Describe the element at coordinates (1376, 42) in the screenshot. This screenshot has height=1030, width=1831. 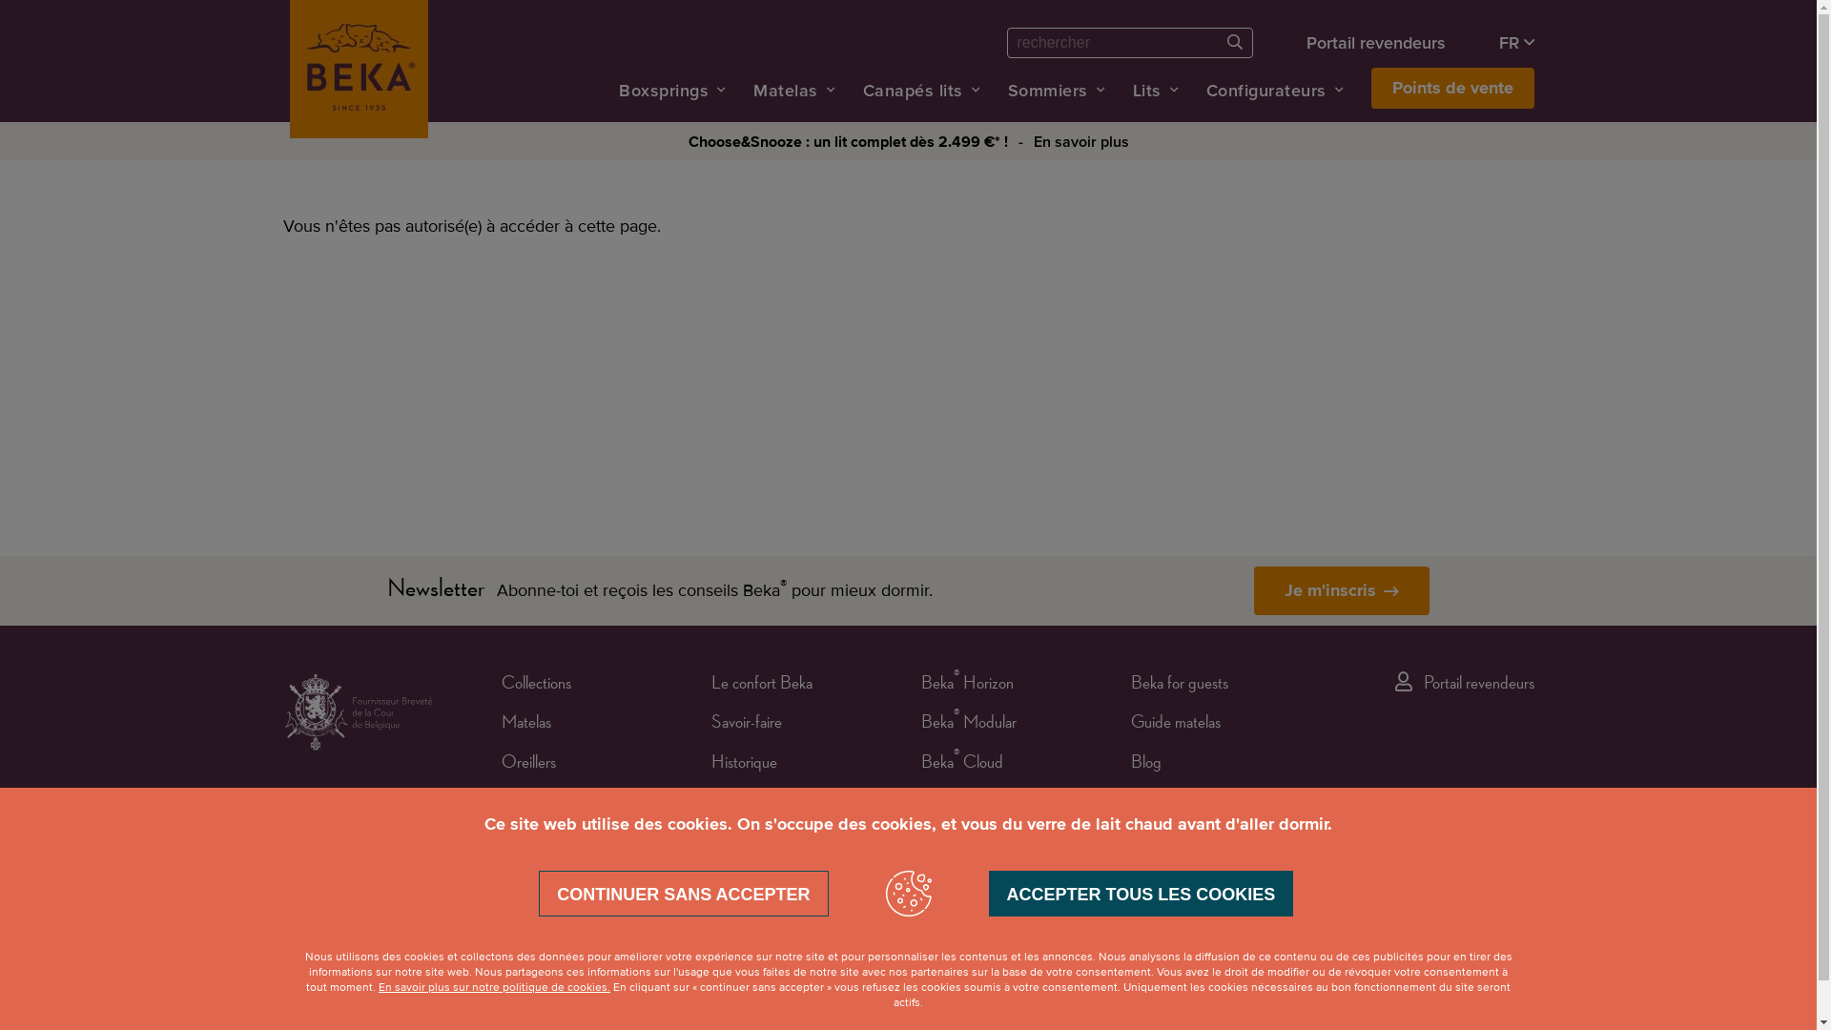
I see `'Portail revendeurs'` at that location.